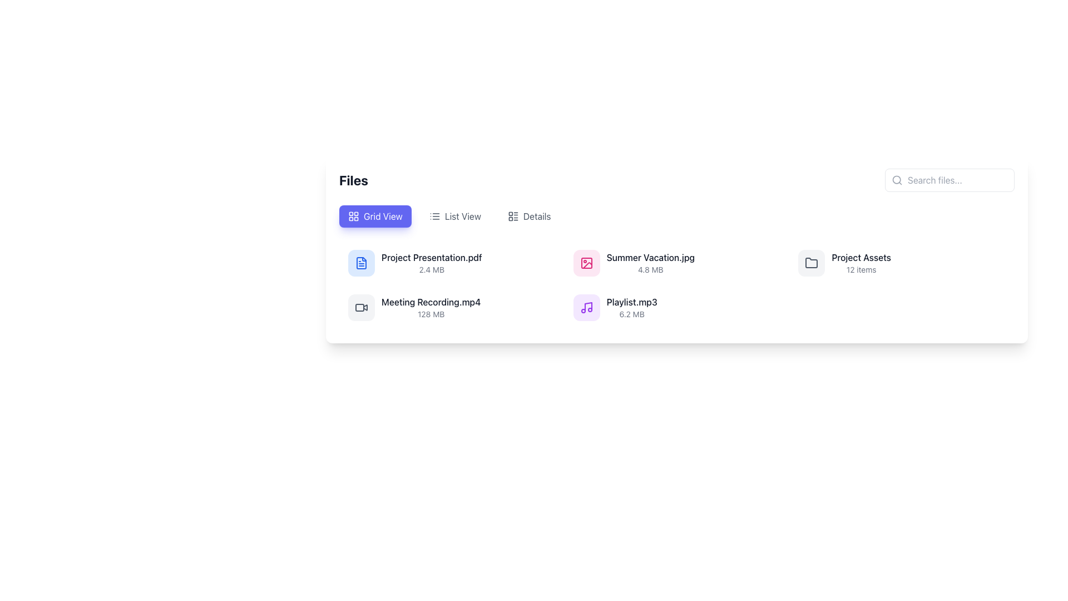 Image resolution: width=1068 pixels, height=601 pixels. Describe the element at coordinates (586, 263) in the screenshot. I see `the pink icon with a picture frame motif representing the file 'Summer Vacation.jpg', which is positioned next to the filename and file size in a grid layout` at that location.